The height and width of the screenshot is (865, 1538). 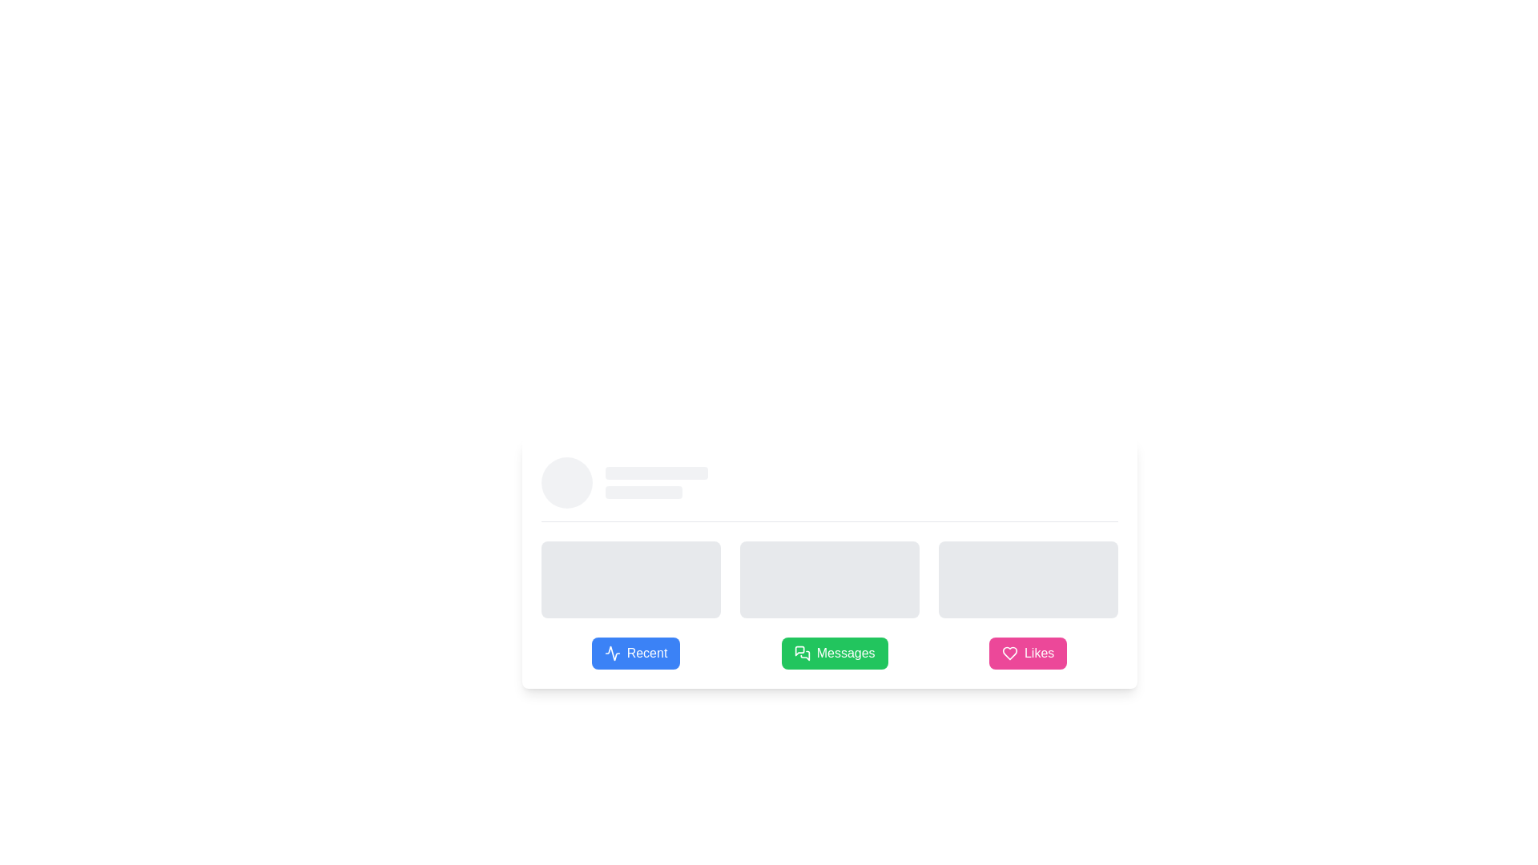 What do you see at coordinates (630, 580) in the screenshot?
I see `the loading placeholder element, which is the first in a row of three equally spaced rectangular elements in a grid layout` at bounding box center [630, 580].